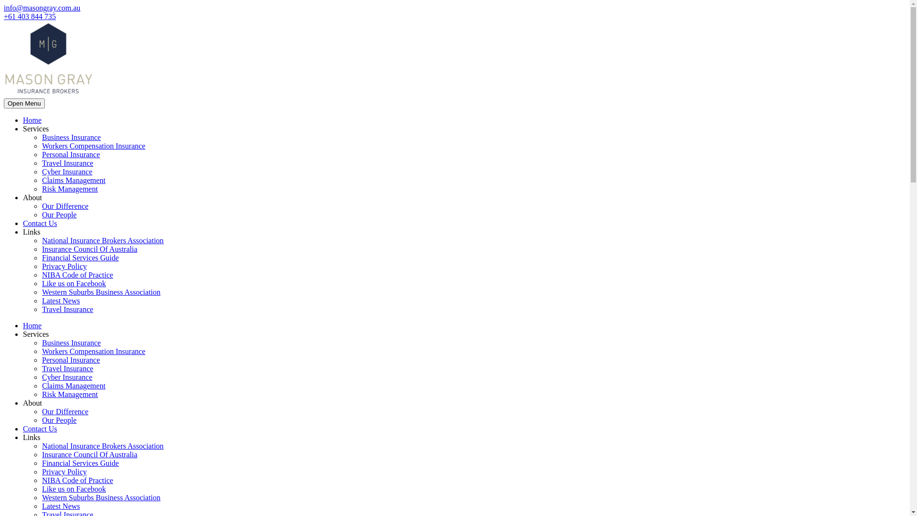 The image size is (917, 516). Describe the element at coordinates (32, 403) in the screenshot. I see `'About'` at that location.